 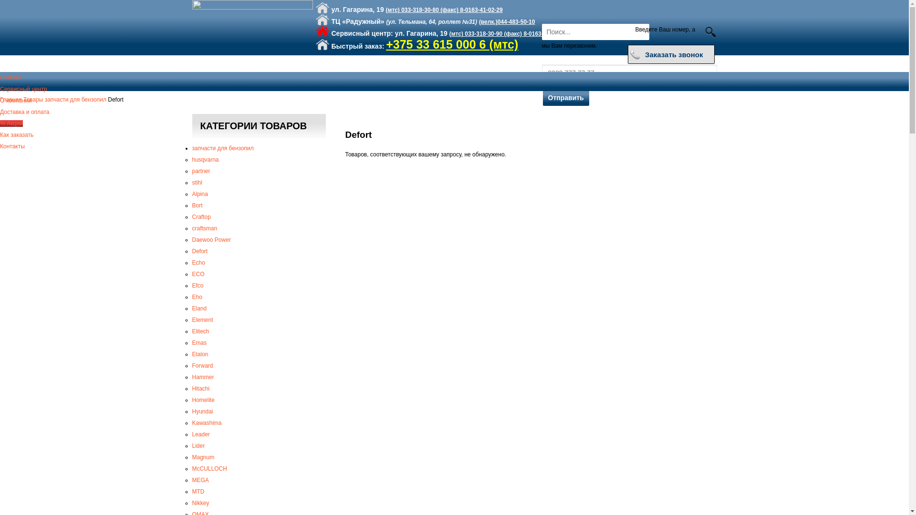 I want to click on 'Lider', so click(x=198, y=445).